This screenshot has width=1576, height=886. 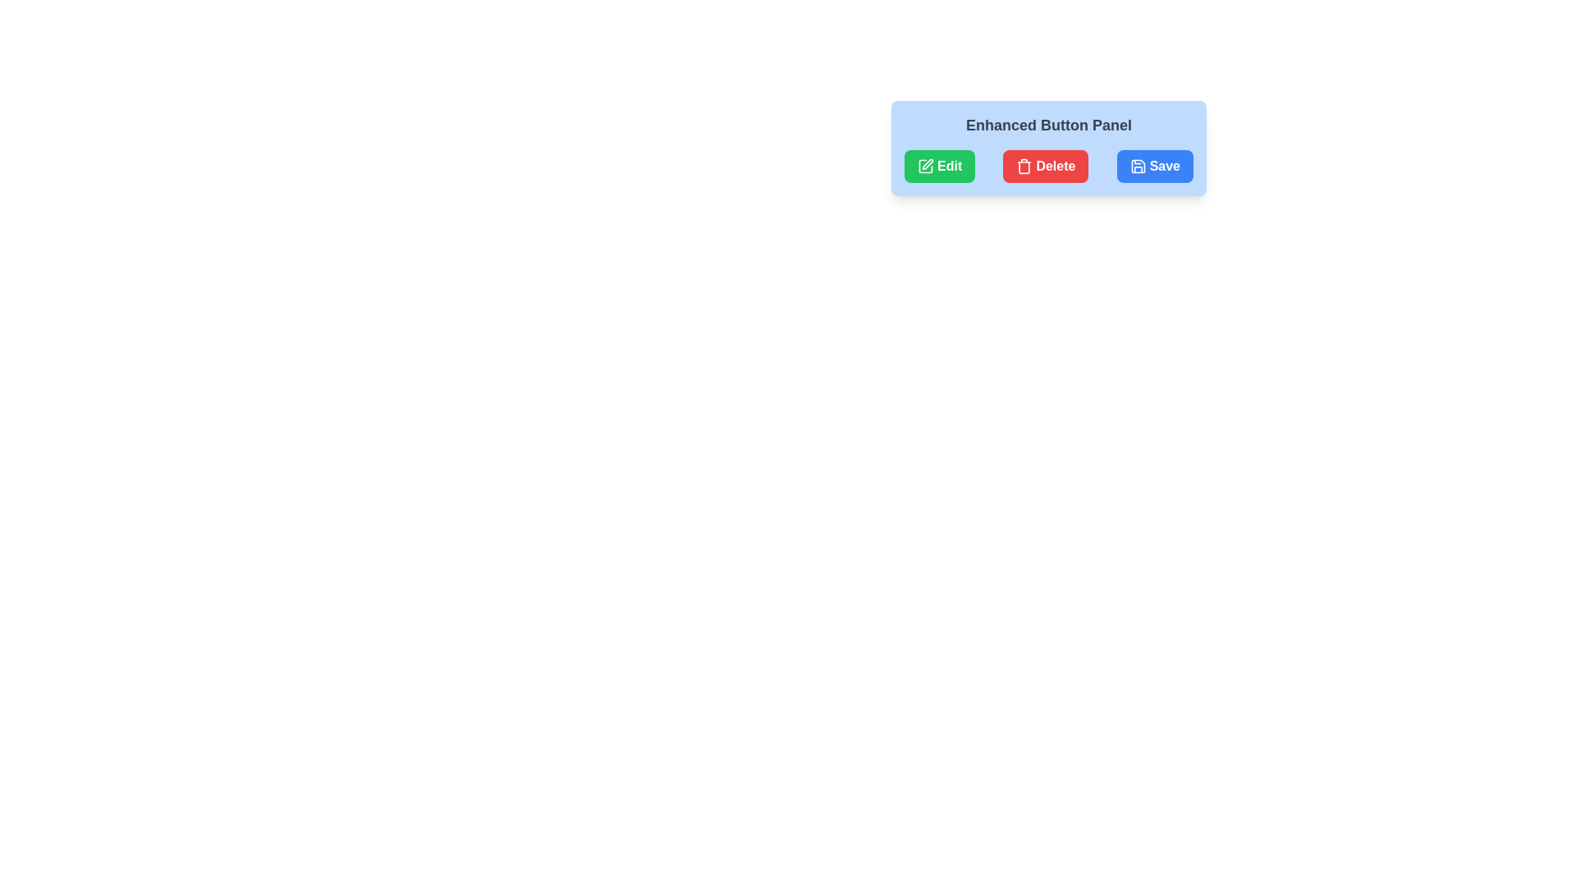 What do you see at coordinates (1024, 167) in the screenshot?
I see `the delete action icon located within the 'Delete' button of the 'Enhanced Button Panel', positioned between the 'Edit' button and 'Save' button` at bounding box center [1024, 167].